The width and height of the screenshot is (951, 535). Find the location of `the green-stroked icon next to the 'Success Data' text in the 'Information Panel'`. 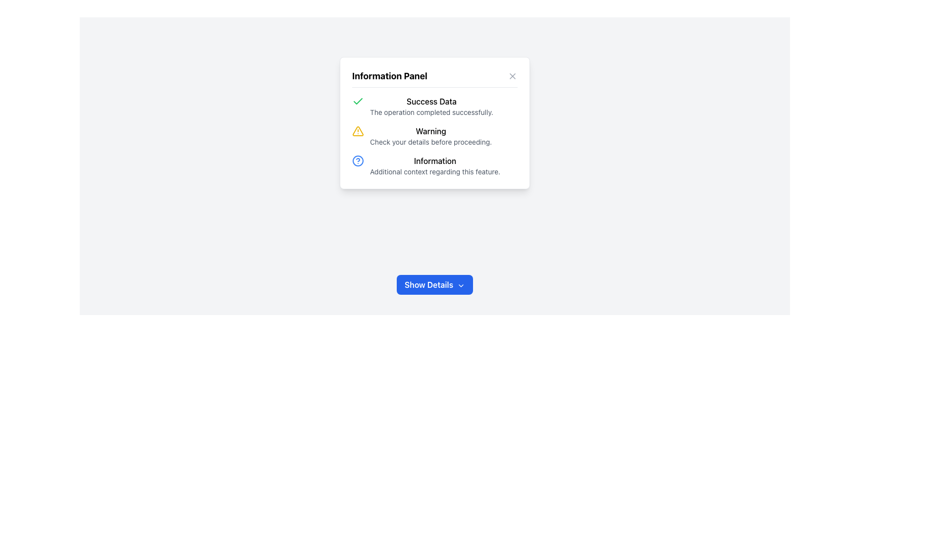

the green-stroked icon next to the 'Success Data' text in the 'Information Panel' is located at coordinates (358, 101).